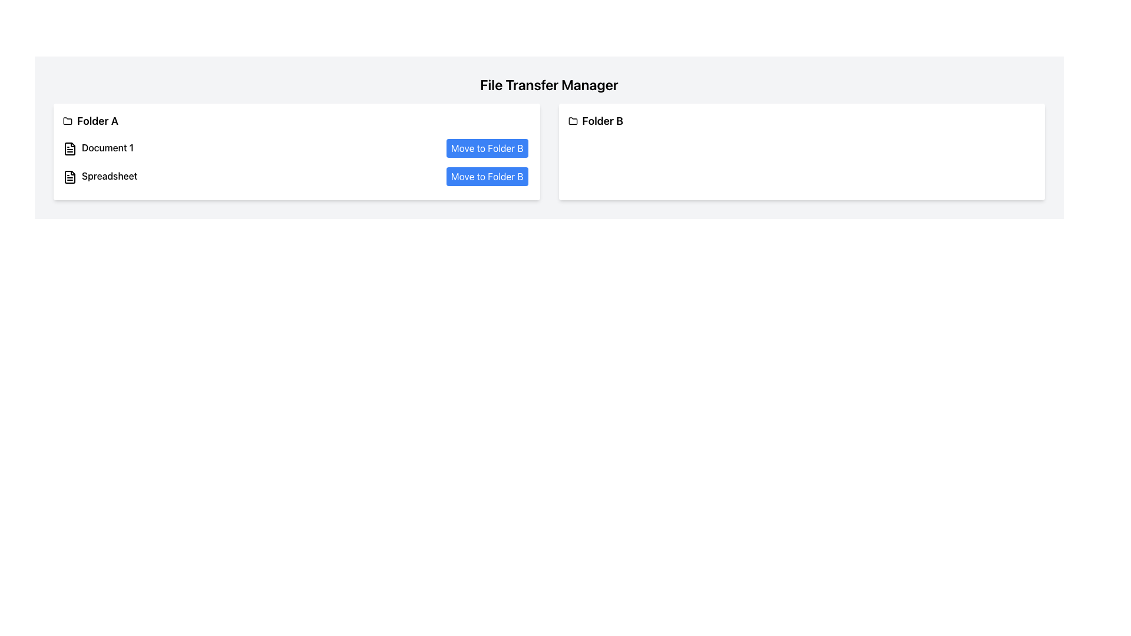 This screenshot has height=636, width=1131. What do you see at coordinates (70, 147) in the screenshot?
I see `the document icon representing 'Document 1' in the file manager interface, which is located to the left of the text label` at bounding box center [70, 147].